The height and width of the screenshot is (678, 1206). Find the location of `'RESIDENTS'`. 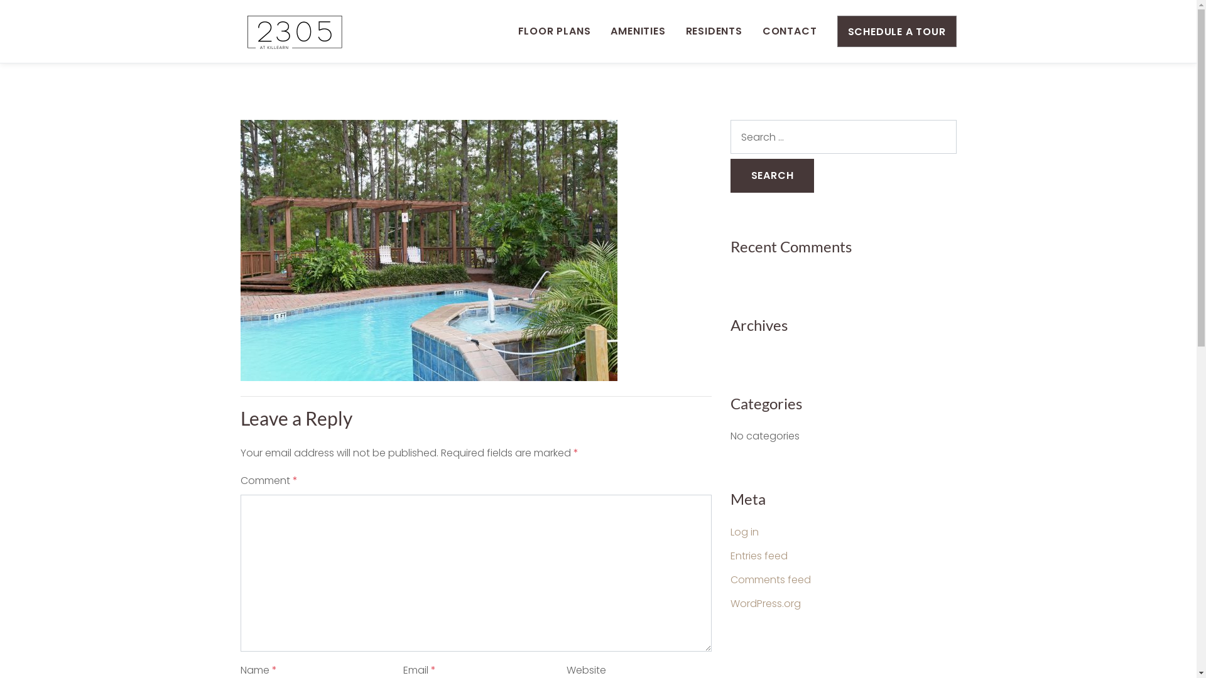

'RESIDENTS' is located at coordinates (714, 31).